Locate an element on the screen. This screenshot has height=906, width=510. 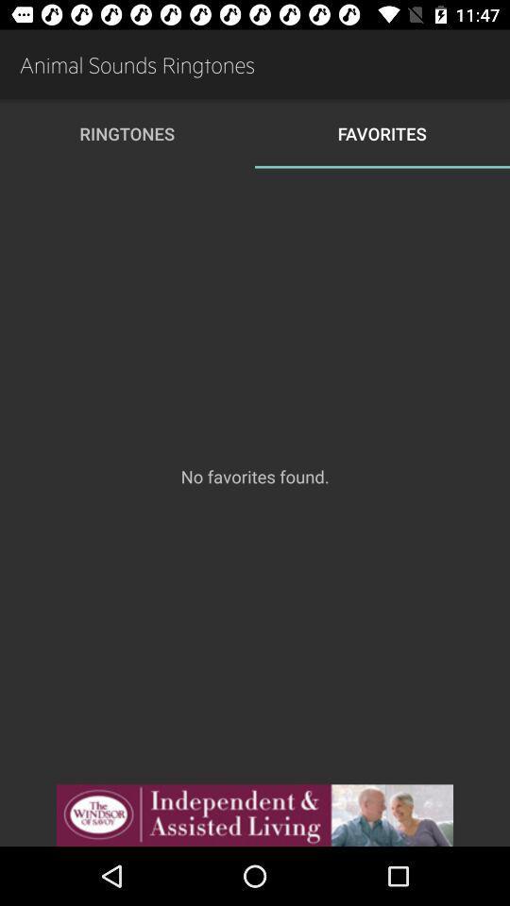
advertisement is located at coordinates (255, 814).